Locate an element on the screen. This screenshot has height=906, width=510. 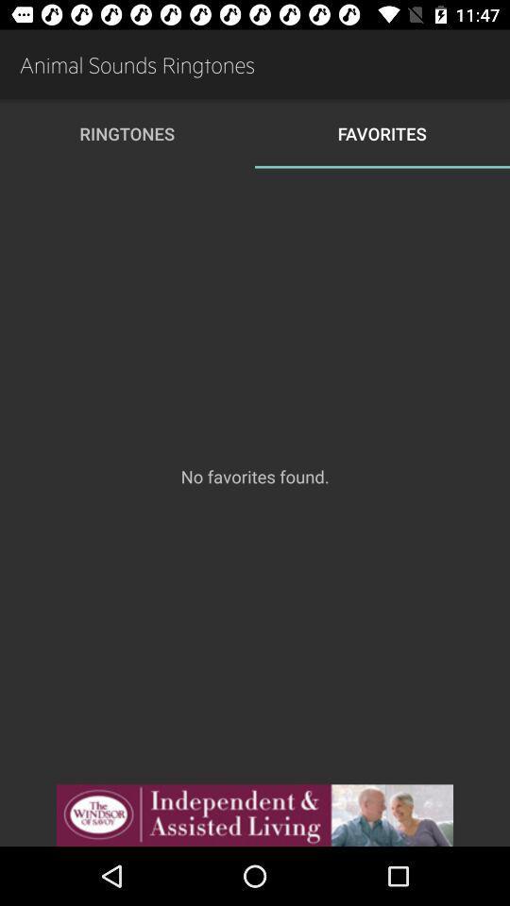
advertisement is located at coordinates (255, 814).